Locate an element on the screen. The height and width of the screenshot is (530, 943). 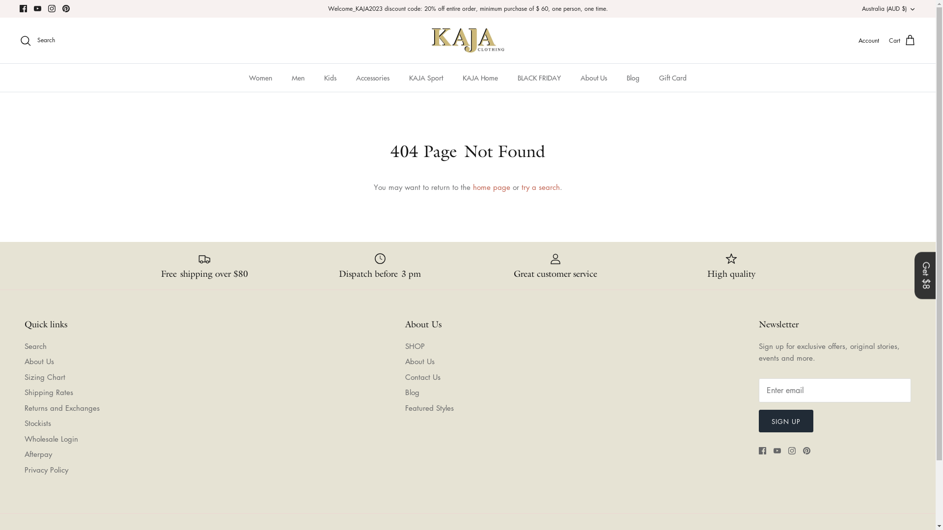
'Afterpay' is located at coordinates (38, 454).